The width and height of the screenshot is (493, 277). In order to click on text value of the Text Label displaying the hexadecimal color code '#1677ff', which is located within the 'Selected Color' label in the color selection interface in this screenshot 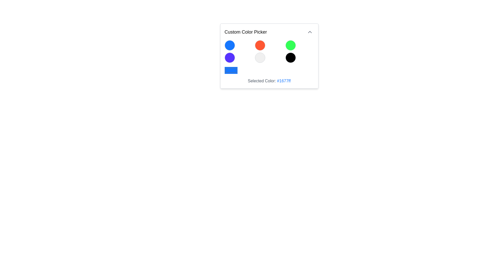, I will do `click(283, 81)`.